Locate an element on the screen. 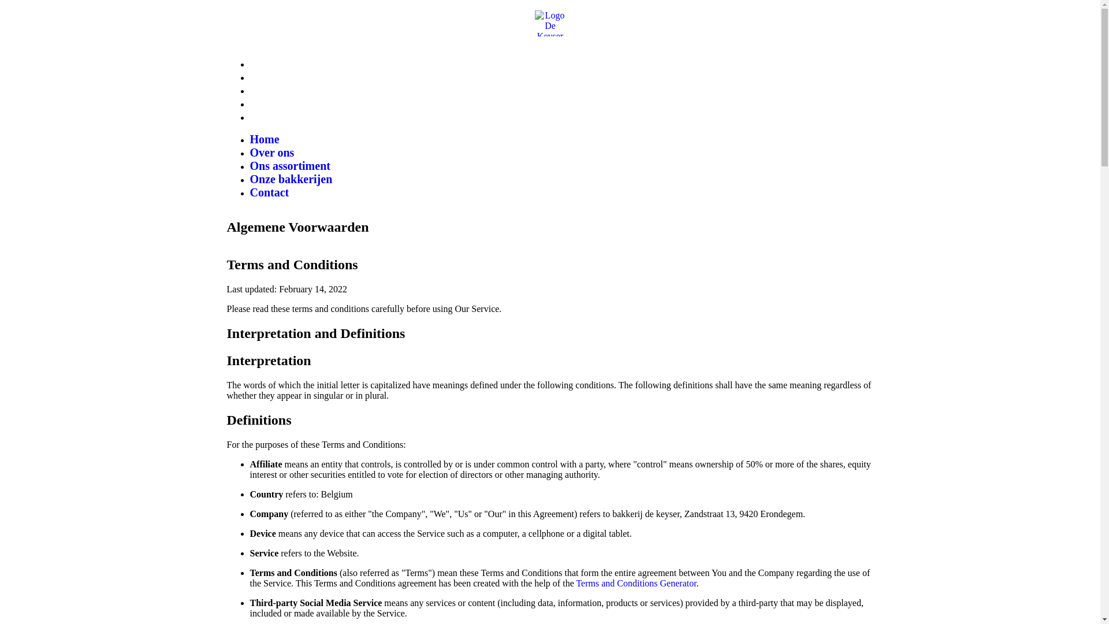  'Terms and Conditions Generator' is located at coordinates (635, 583).